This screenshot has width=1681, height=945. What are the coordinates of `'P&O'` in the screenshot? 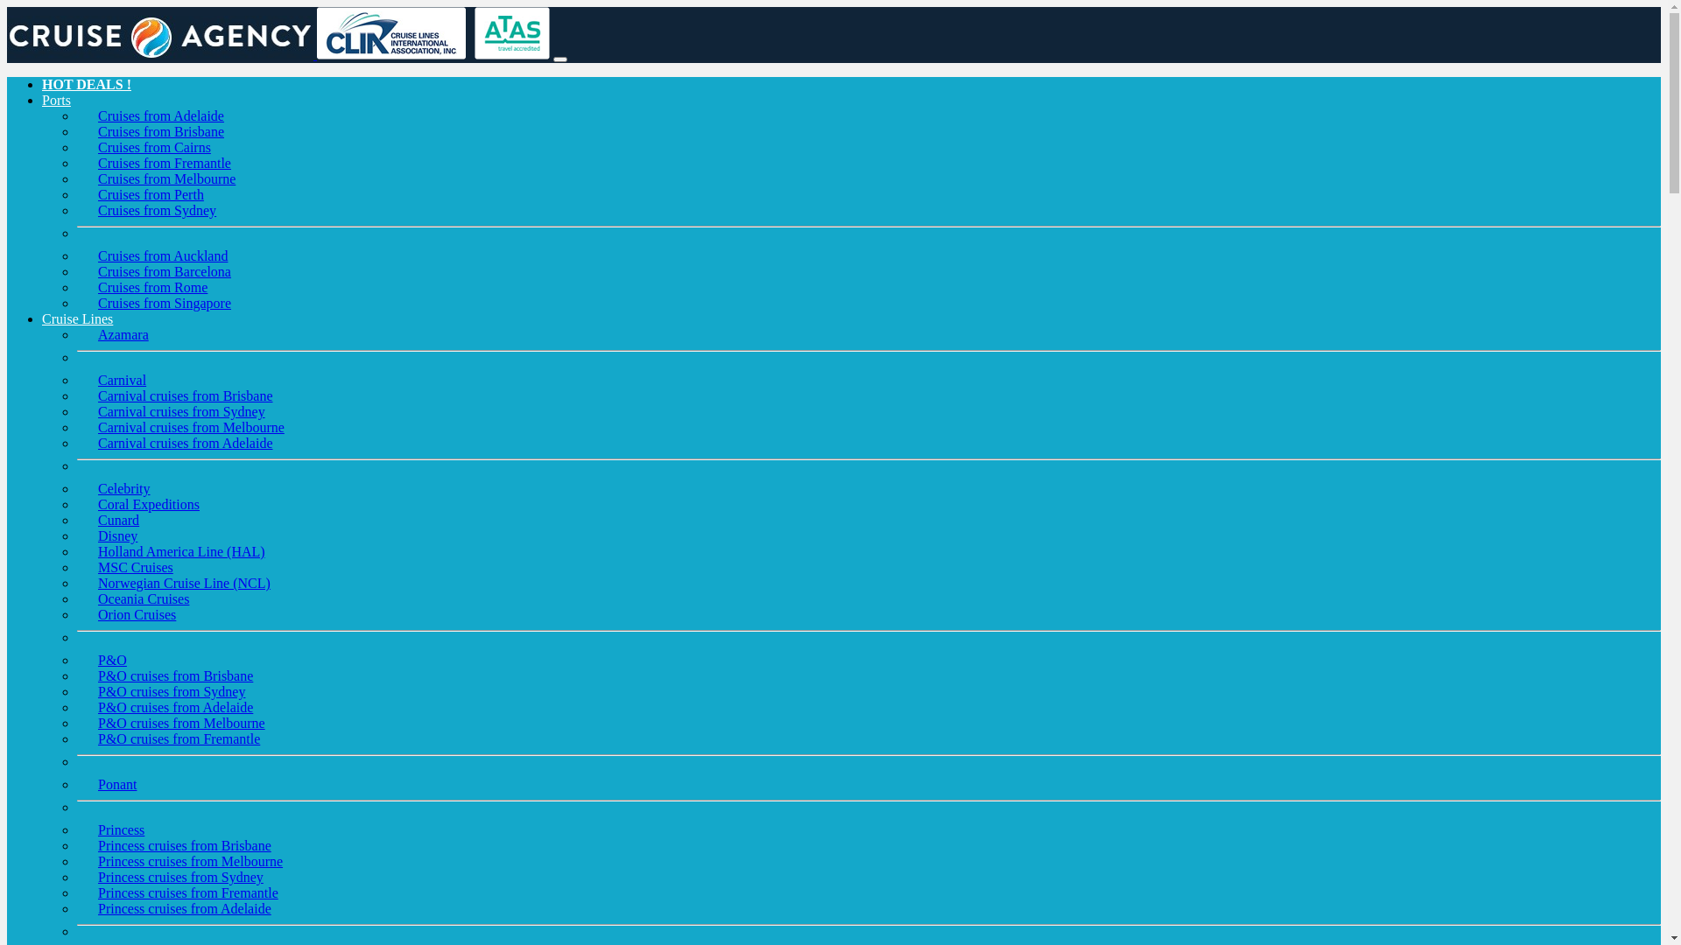 It's located at (111, 660).